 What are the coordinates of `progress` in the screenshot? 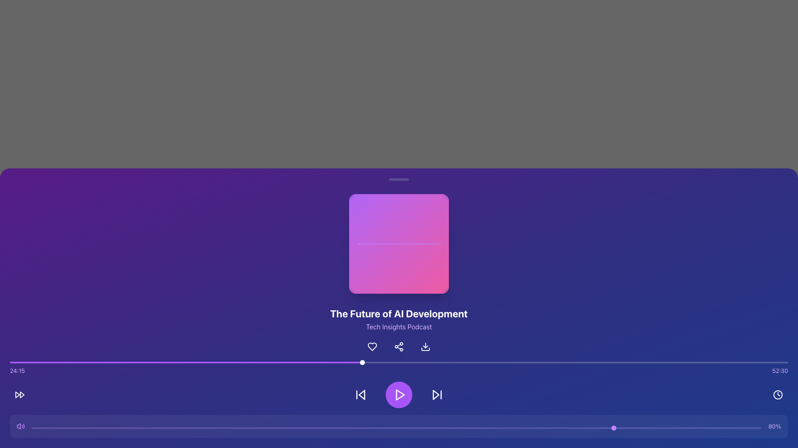 It's located at (33, 362).